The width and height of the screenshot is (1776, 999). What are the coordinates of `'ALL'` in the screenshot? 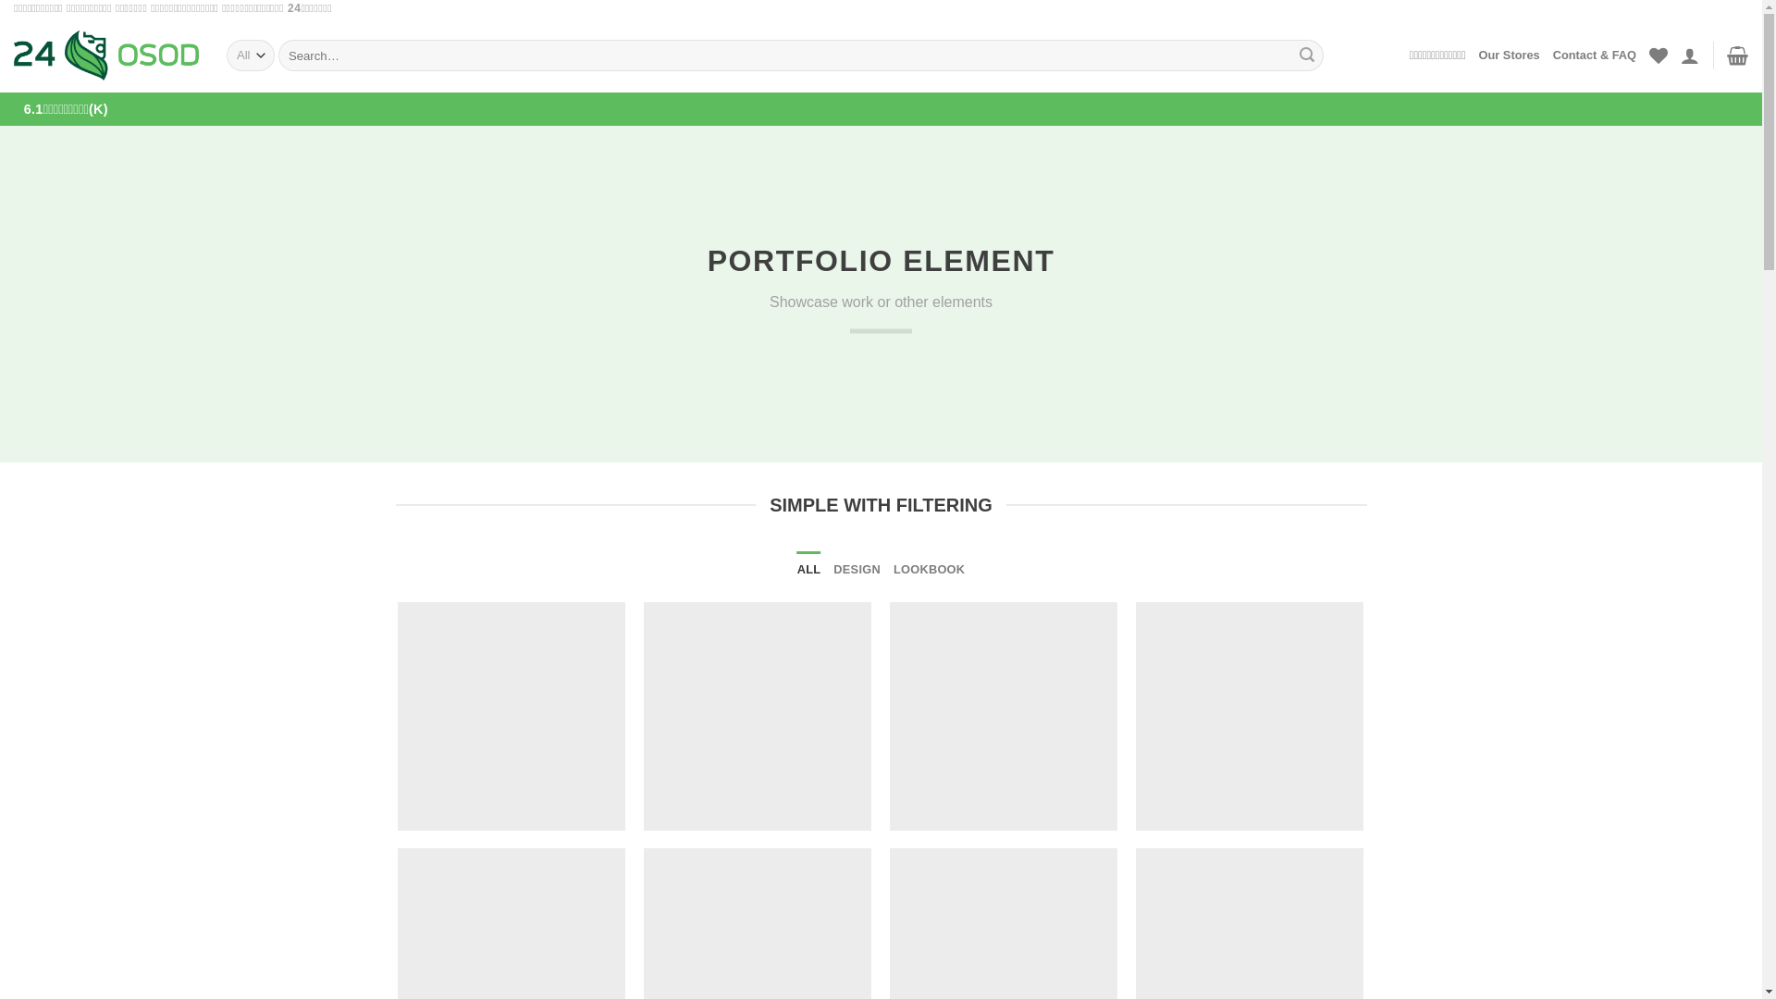 It's located at (808, 569).